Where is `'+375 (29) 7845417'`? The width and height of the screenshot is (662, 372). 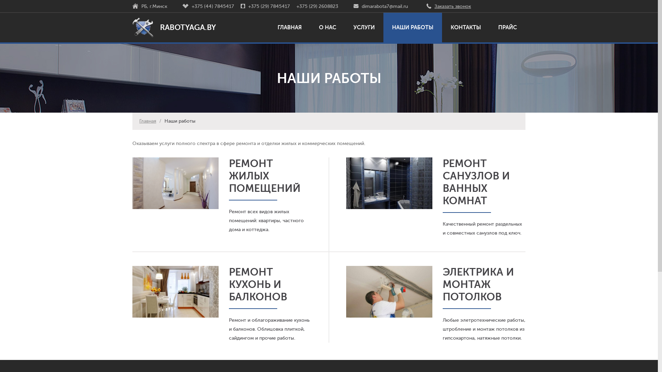
'+375 (29) 7845417' is located at coordinates (269, 6).